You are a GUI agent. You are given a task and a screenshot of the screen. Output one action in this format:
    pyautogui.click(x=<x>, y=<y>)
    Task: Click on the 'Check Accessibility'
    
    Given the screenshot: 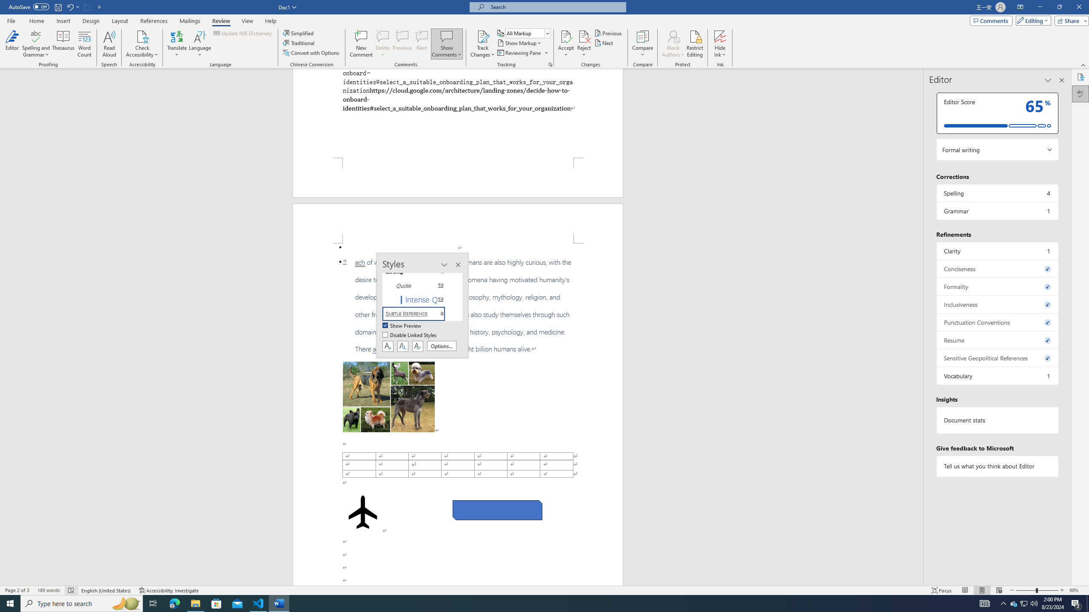 What is the action you would take?
    pyautogui.click(x=142, y=36)
    